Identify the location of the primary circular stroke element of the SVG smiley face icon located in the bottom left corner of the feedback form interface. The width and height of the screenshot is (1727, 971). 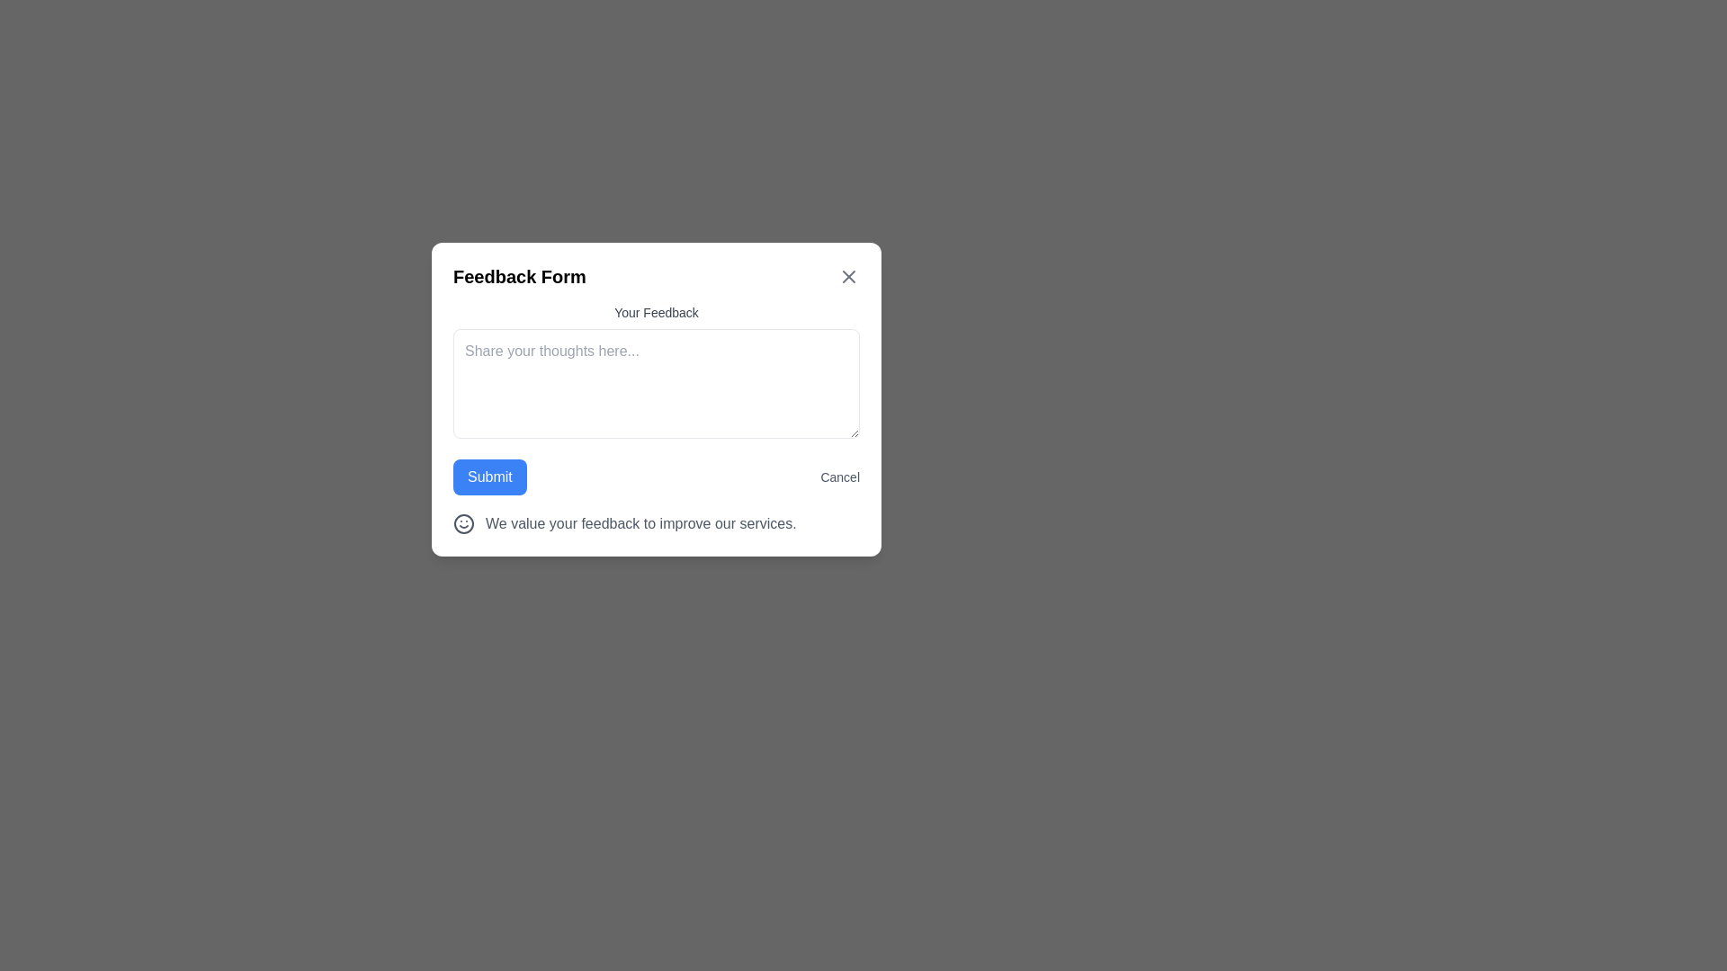
(463, 523).